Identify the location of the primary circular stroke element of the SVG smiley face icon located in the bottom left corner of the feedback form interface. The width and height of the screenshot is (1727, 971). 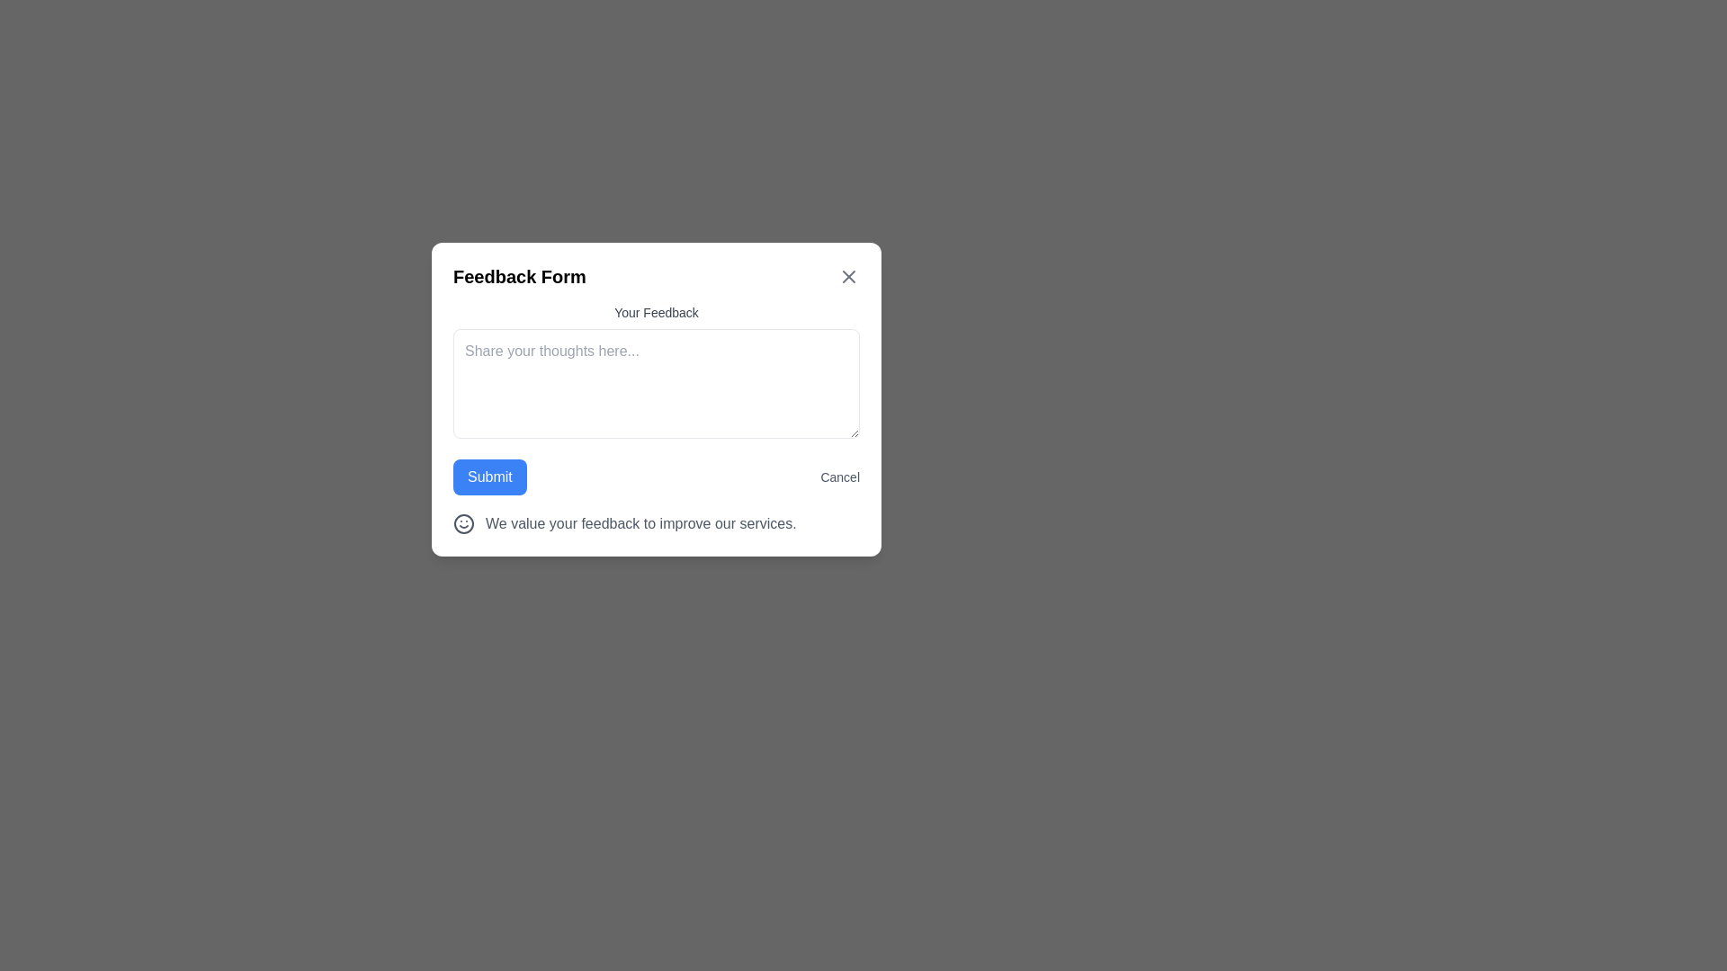
(463, 523).